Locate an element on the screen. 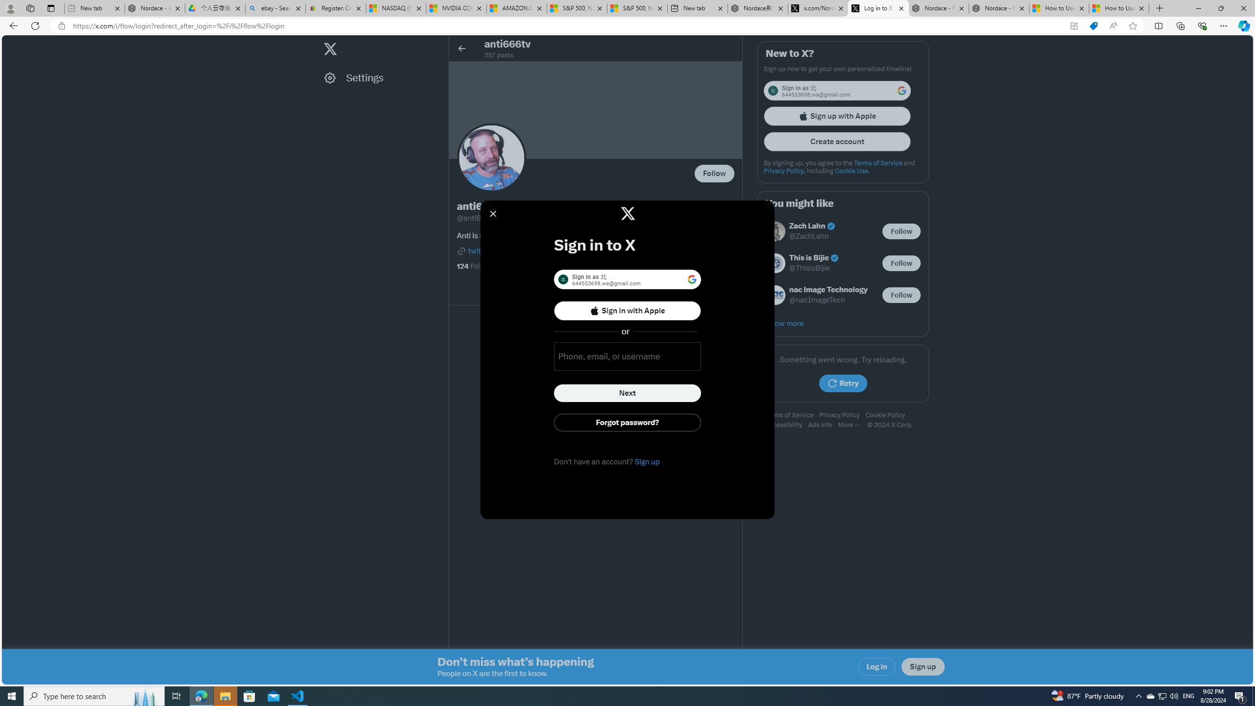 The image size is (1255, 706). 'Add this page to favorites (Ctrl+D)' is located at coordinates (1133, 26).